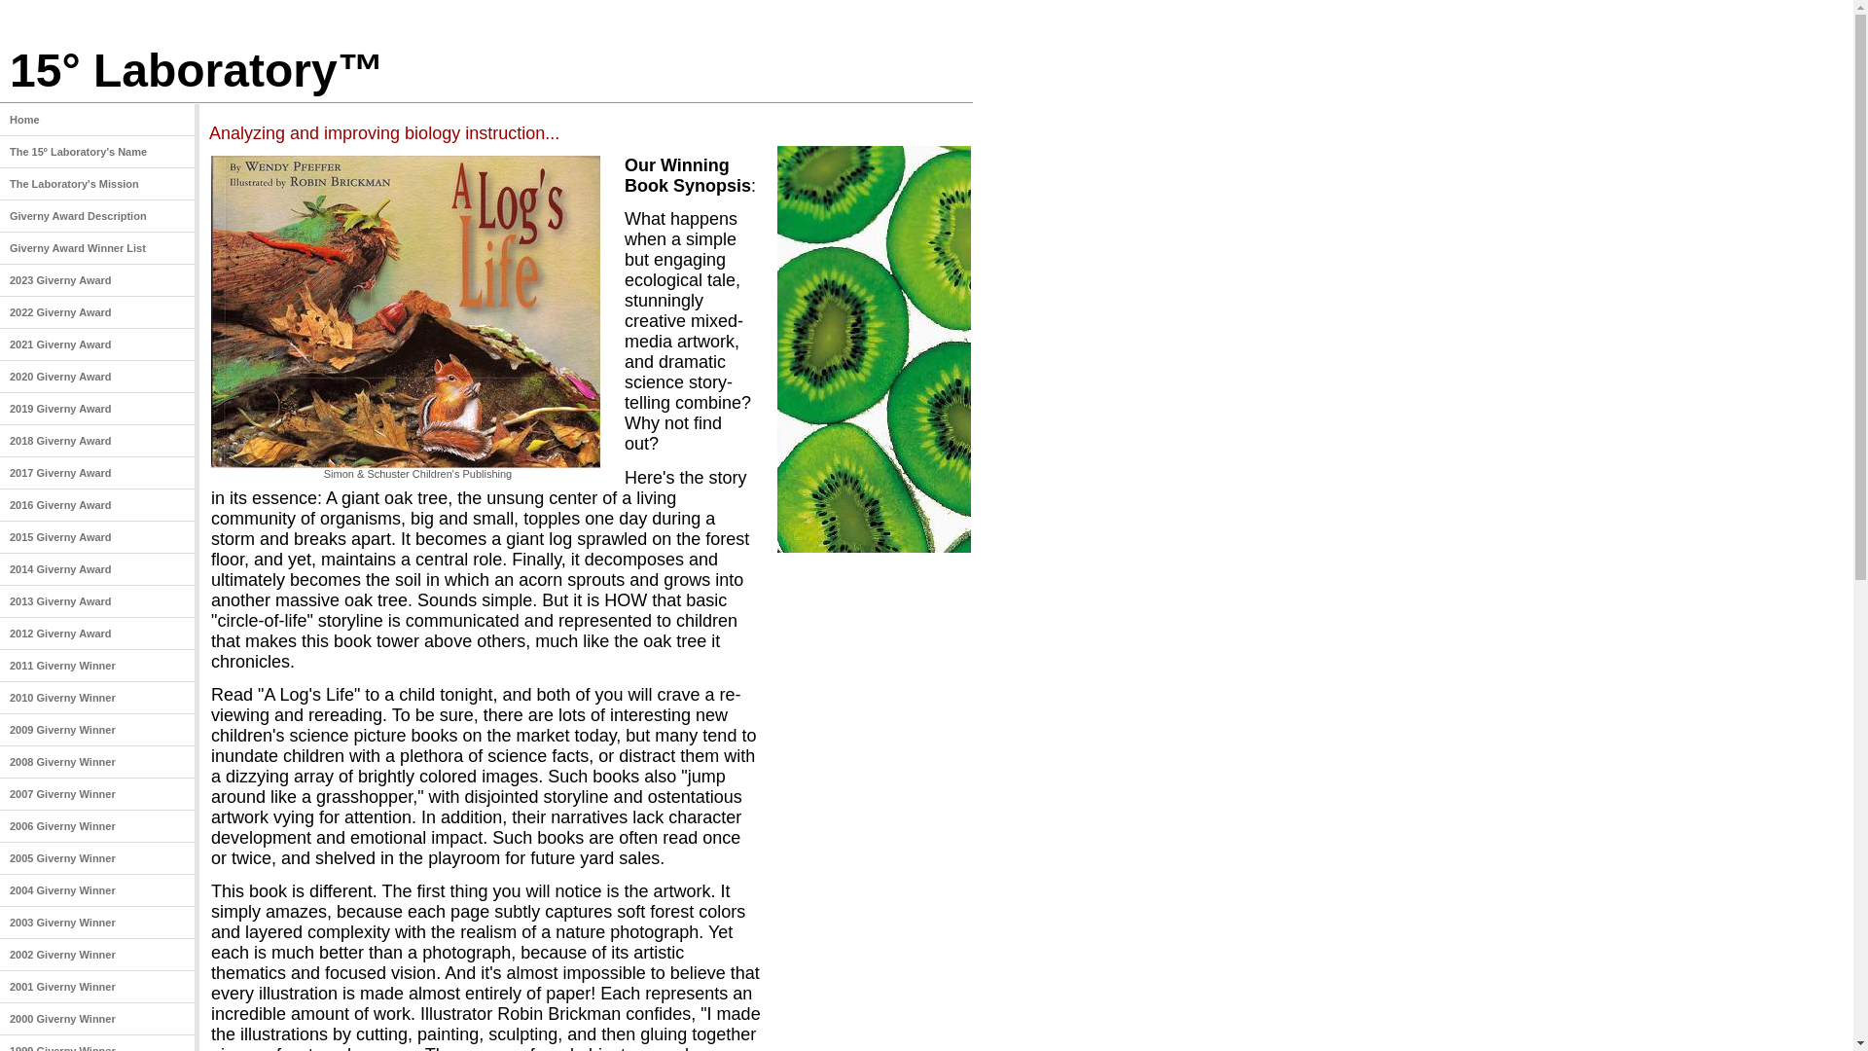  What do you see at coordinates (96, 311) in the screenshot?
I see `'2022 Giverny Award'` at bounding box center [96, 311].